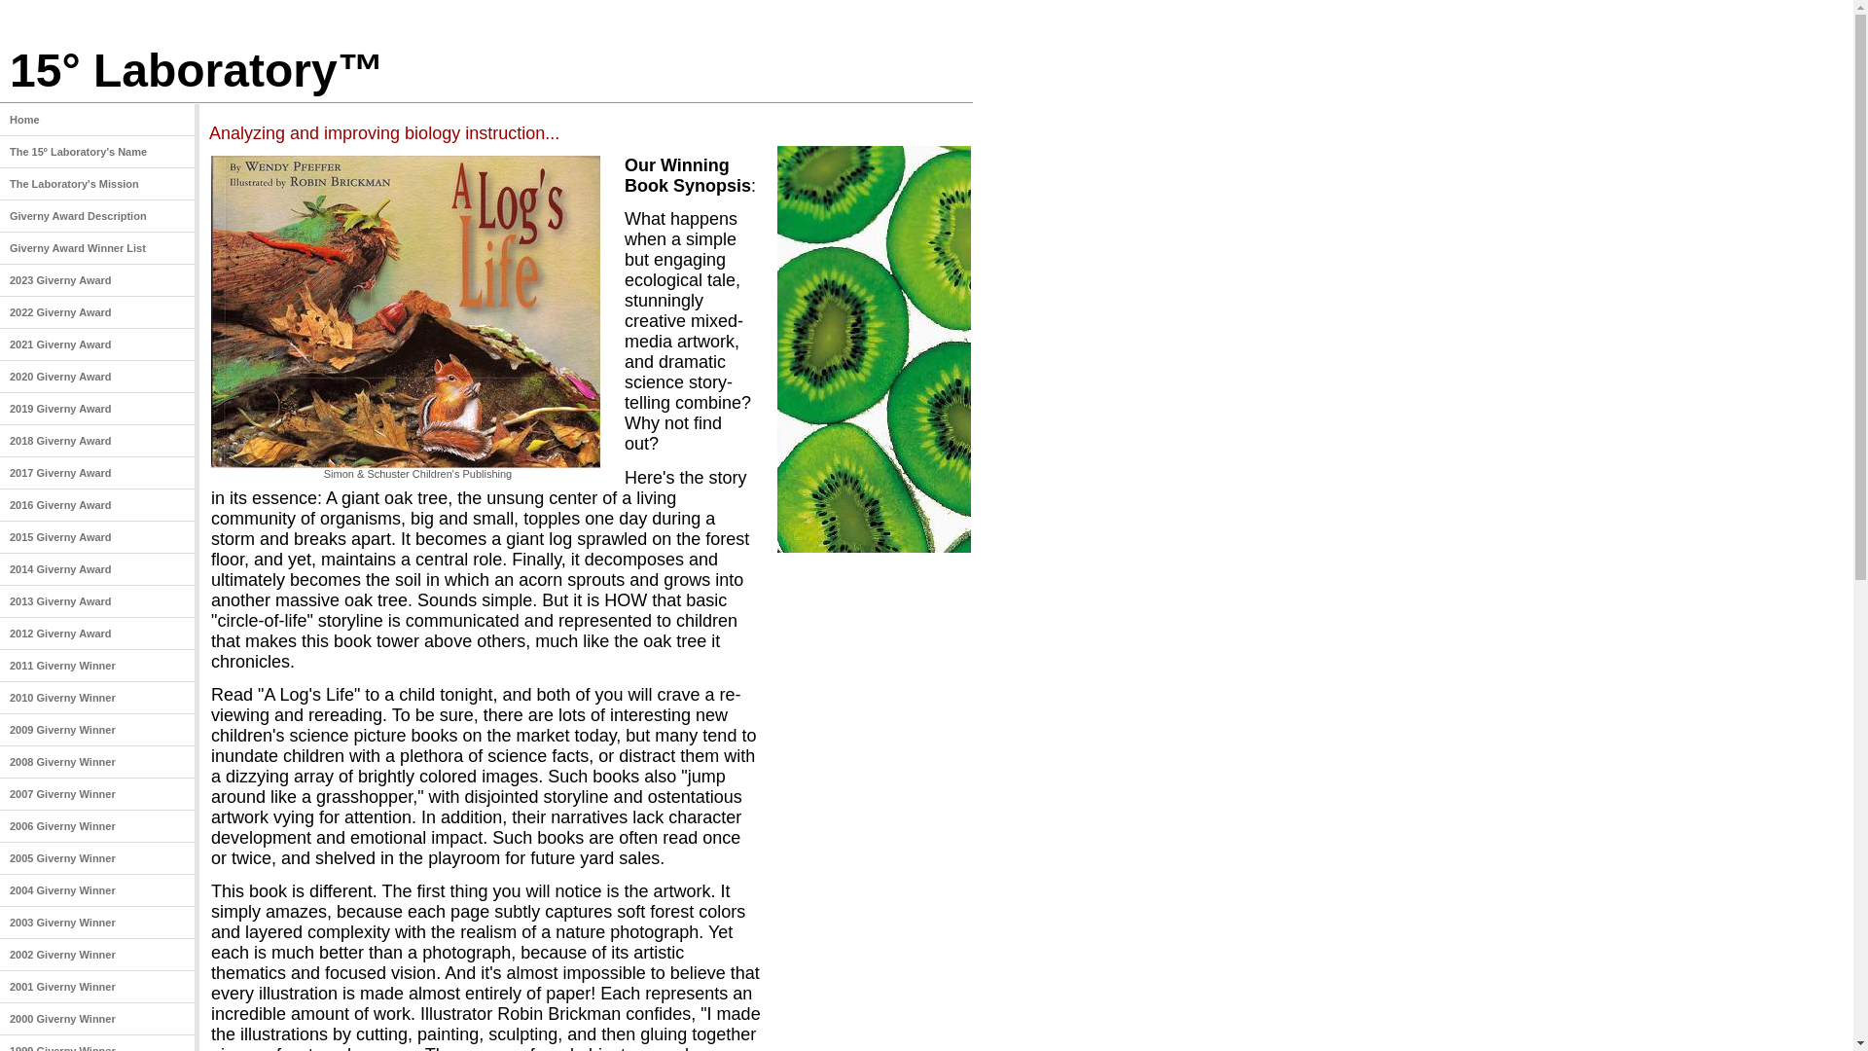  What do you see at coordinates (96, 311) in the screenshot?
I see `'2022 Giverny Award'` at bounding box center [96, 311].